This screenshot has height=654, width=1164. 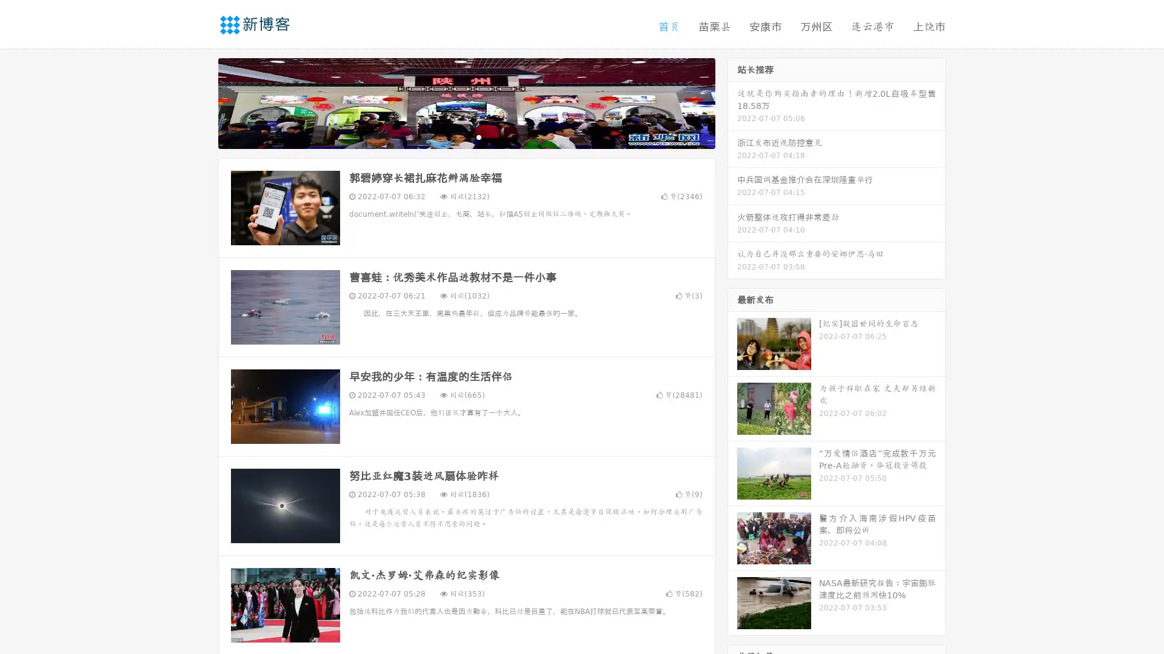 What do you see at coordinates (466, 136) in the screenshot?
I see `Go to slide 2` at bounding box center [466, 136].